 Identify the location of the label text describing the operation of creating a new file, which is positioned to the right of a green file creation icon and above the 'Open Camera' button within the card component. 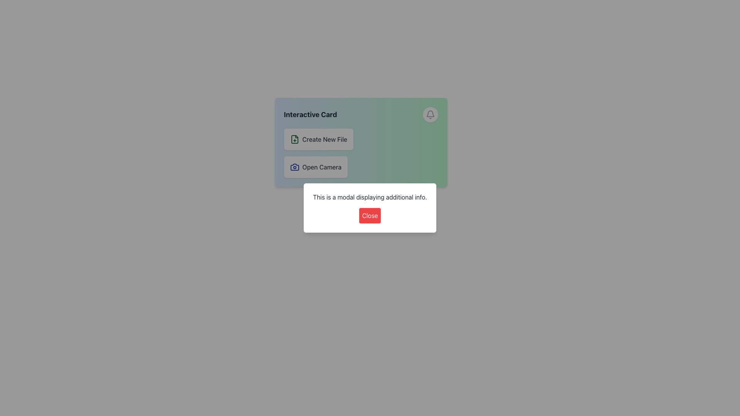
(325, 139).